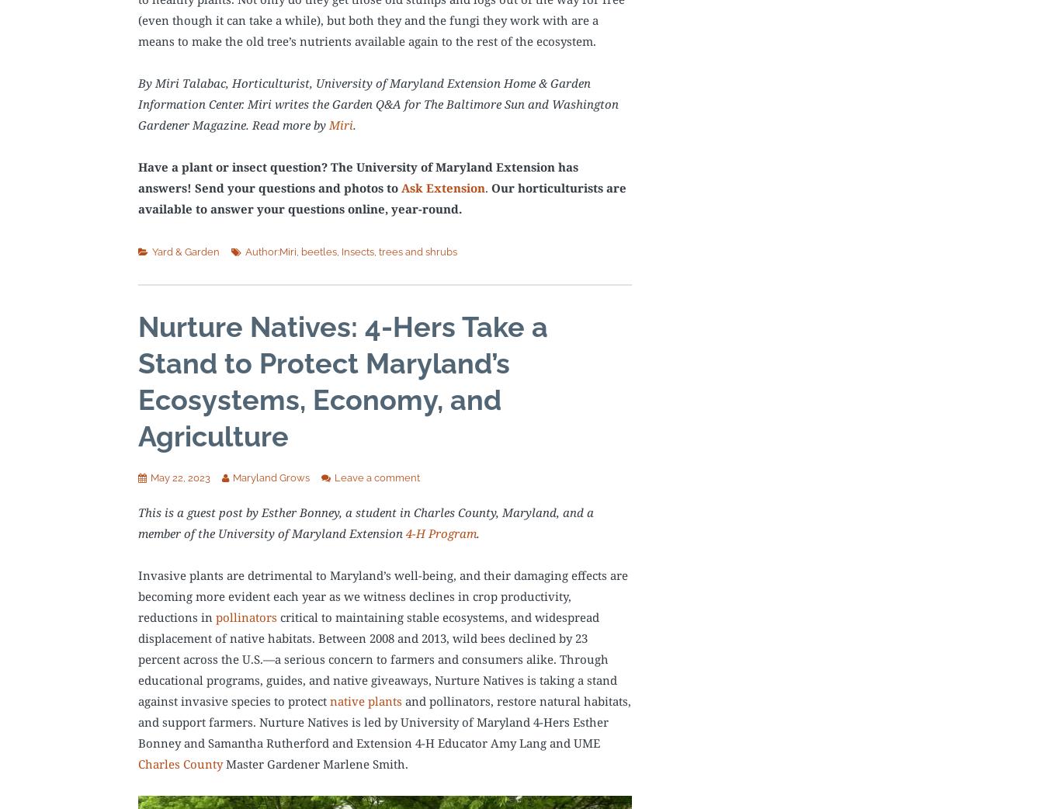 The image size is (1048, 809). I want to click on 'trees and shrubs', so click(417, 251).